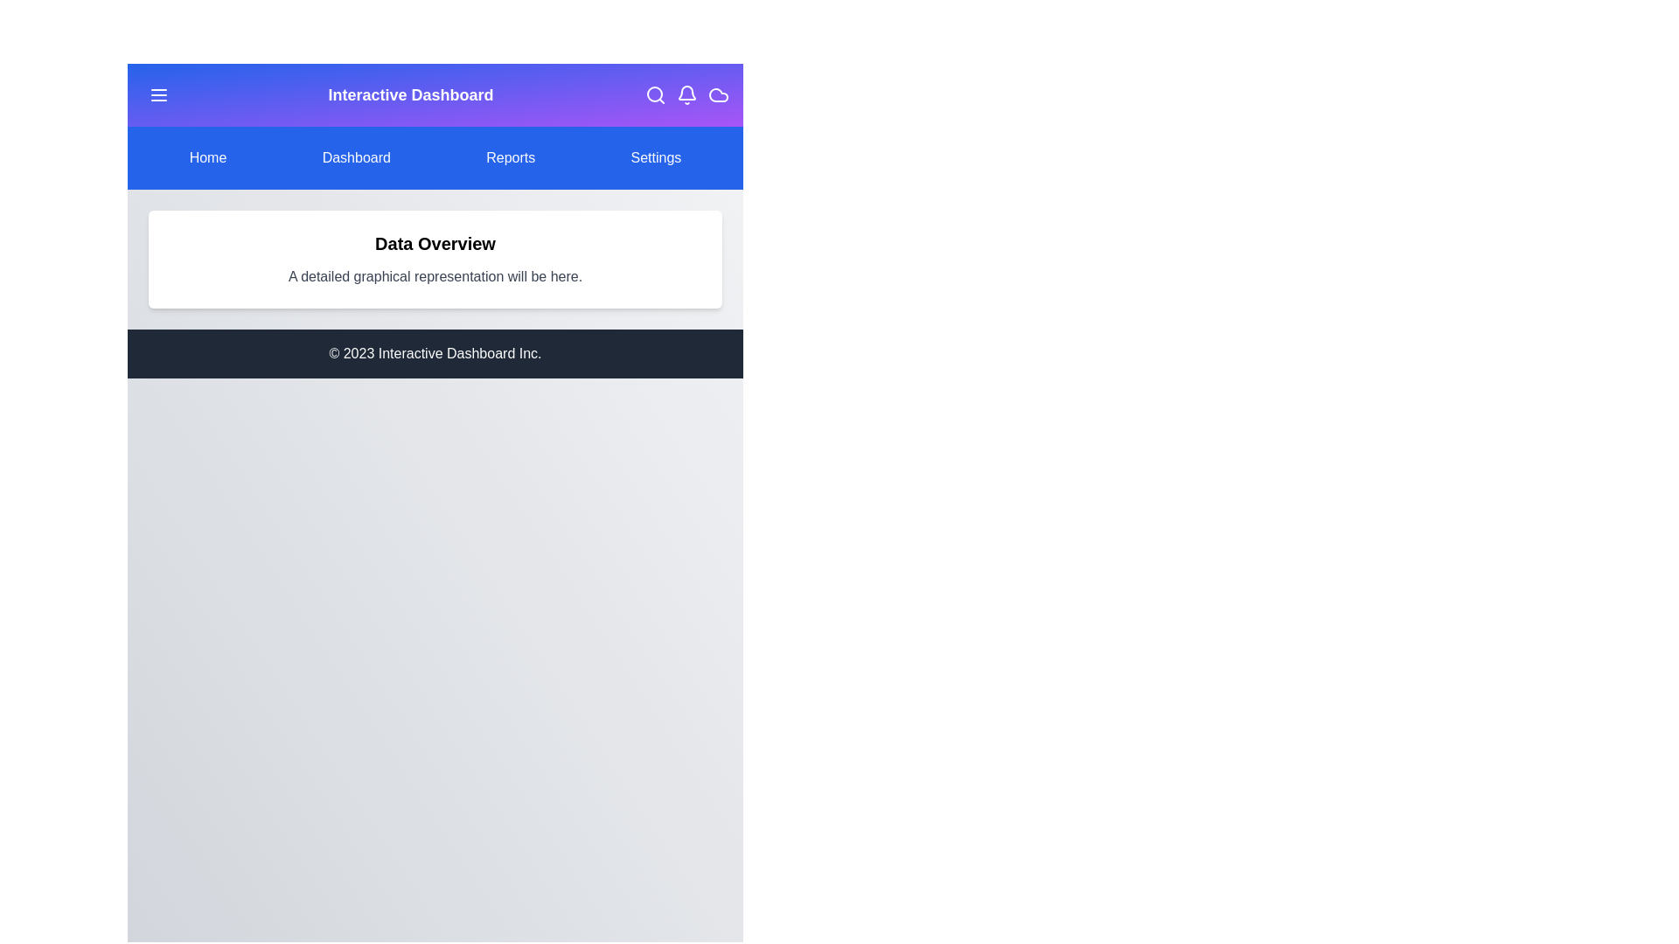 The height and width of the screenshot is (944, 1679). I want to click on the menu toggle button located in the header, so click(159, 94).